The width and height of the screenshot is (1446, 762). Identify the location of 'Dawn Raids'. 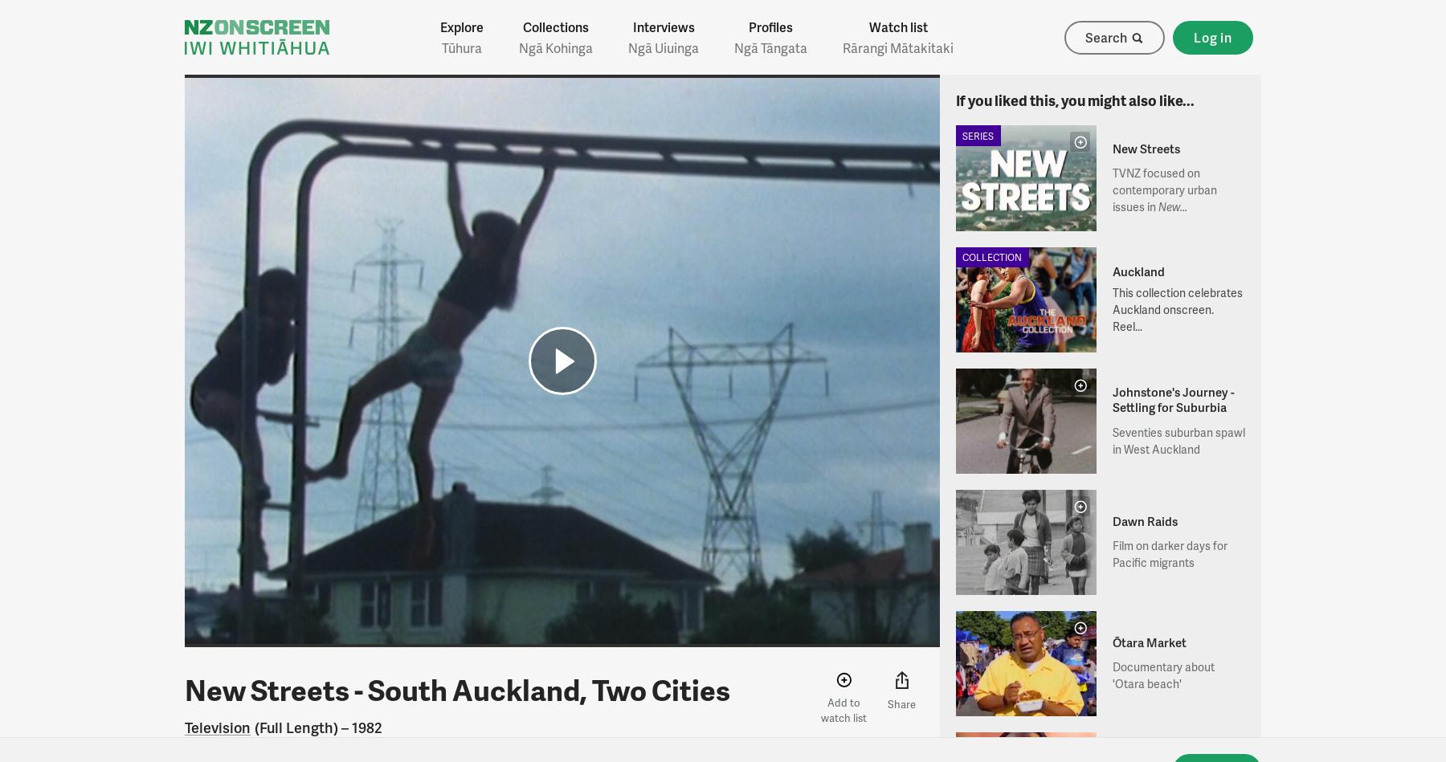
(1143, 520).